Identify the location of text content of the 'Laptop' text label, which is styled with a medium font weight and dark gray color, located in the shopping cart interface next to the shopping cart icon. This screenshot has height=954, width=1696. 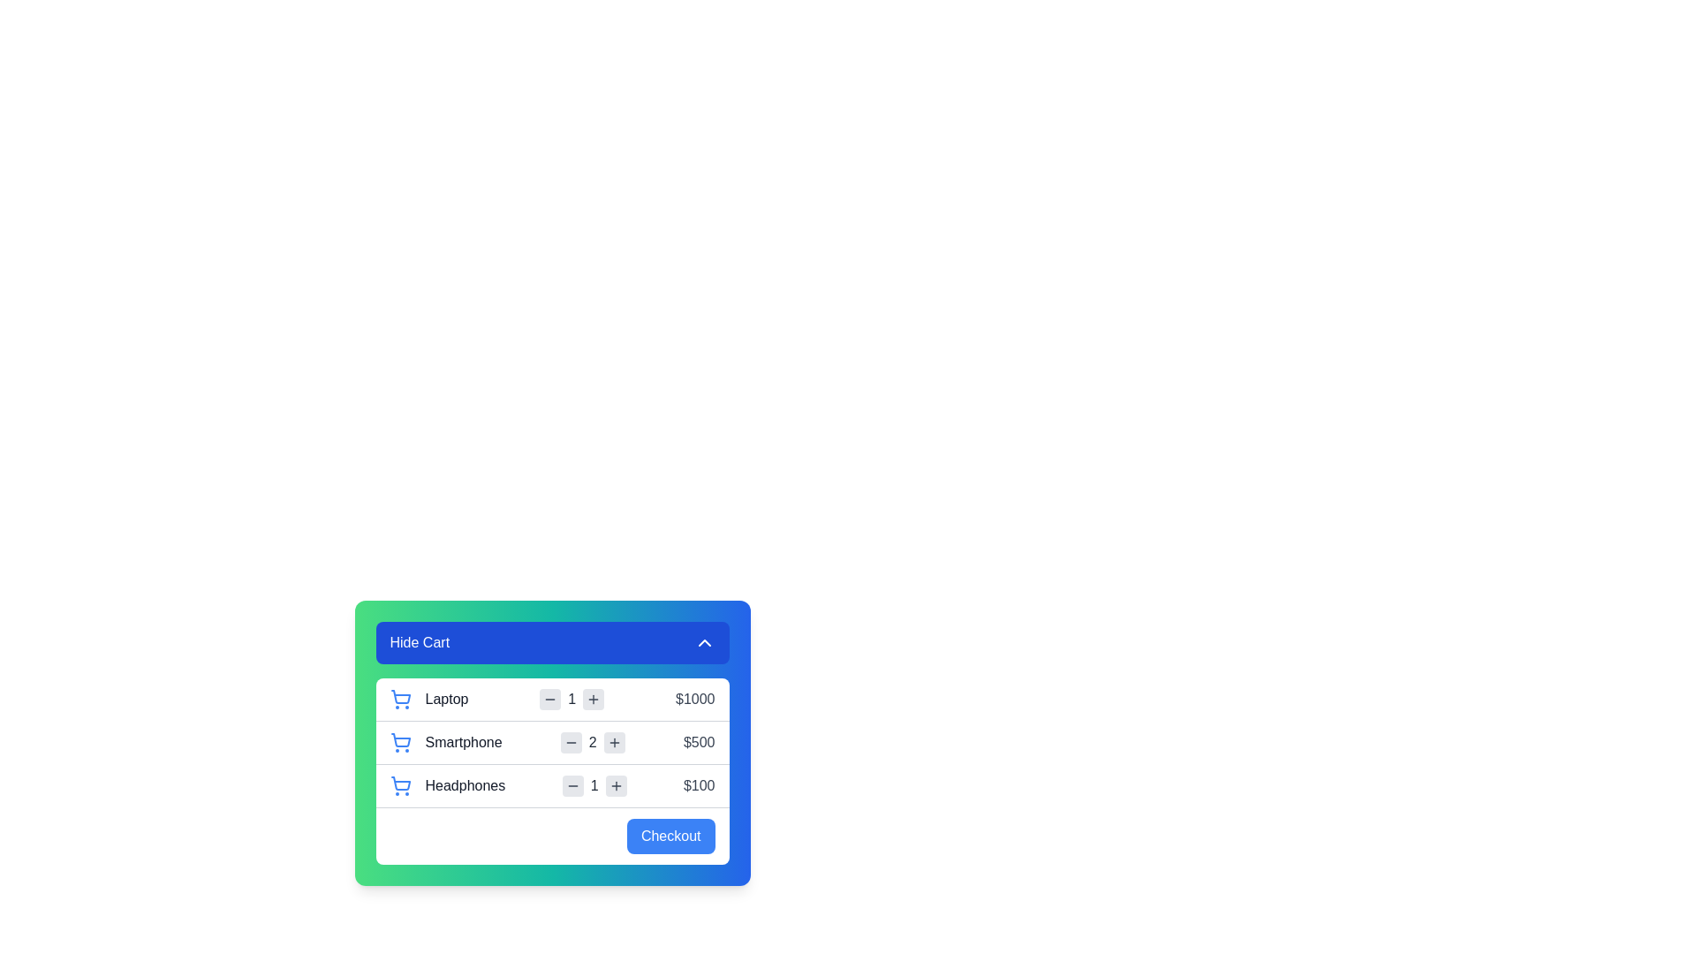
(446, 698).